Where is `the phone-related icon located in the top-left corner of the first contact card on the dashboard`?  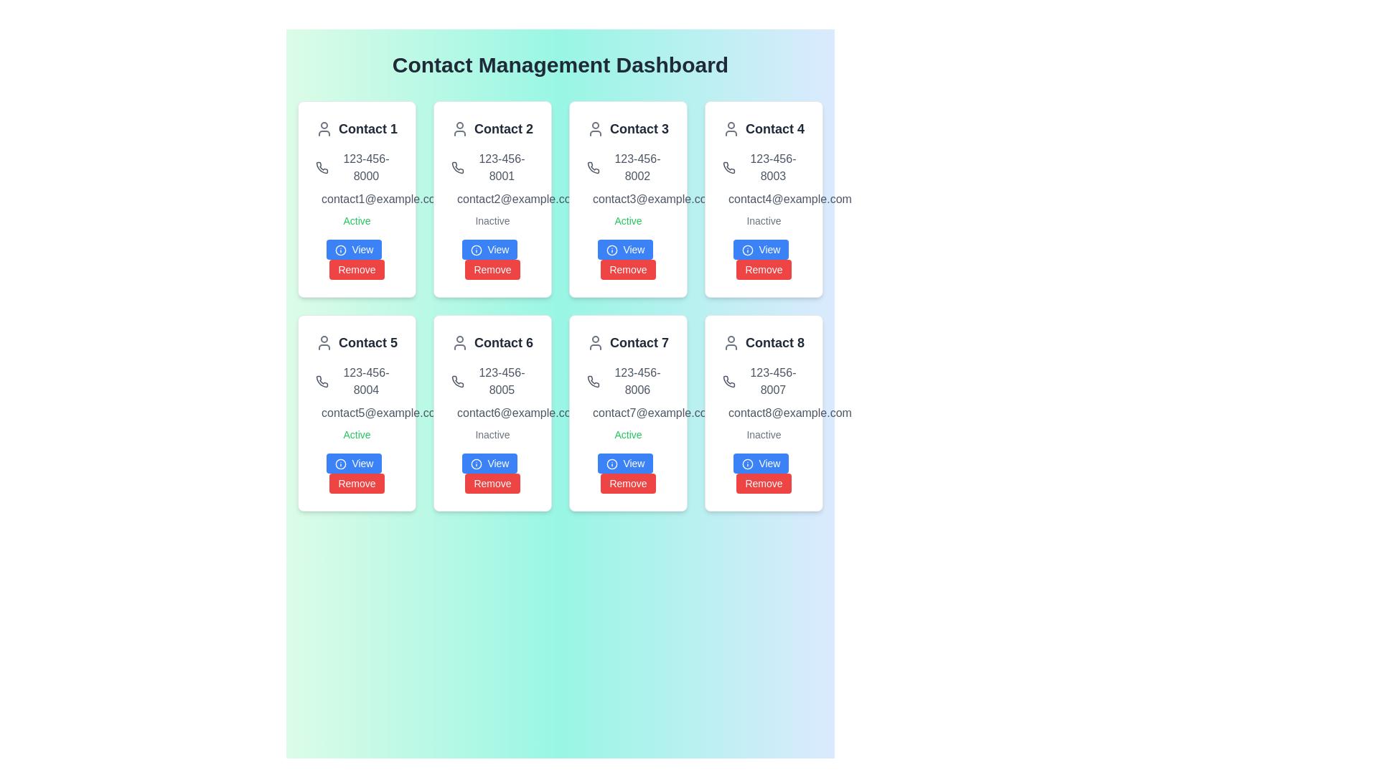 the phone-related icon located in the top-left corner of the first contact card on the dashboard is located at coordinates (593, 381).